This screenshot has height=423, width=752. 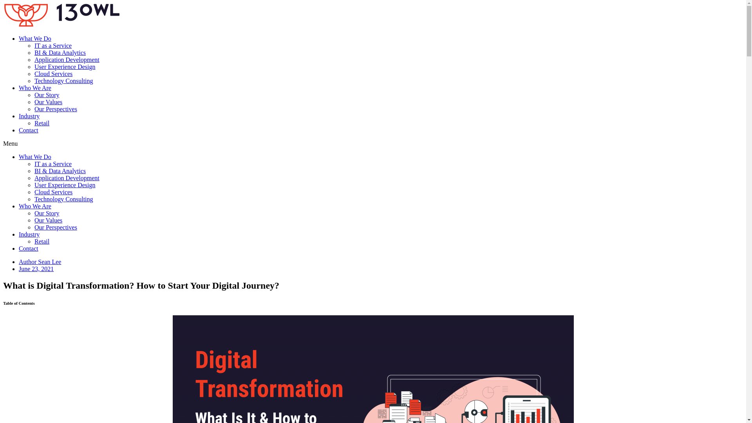 I want to click on 'User Experience Design', so click(x=65, y=185).